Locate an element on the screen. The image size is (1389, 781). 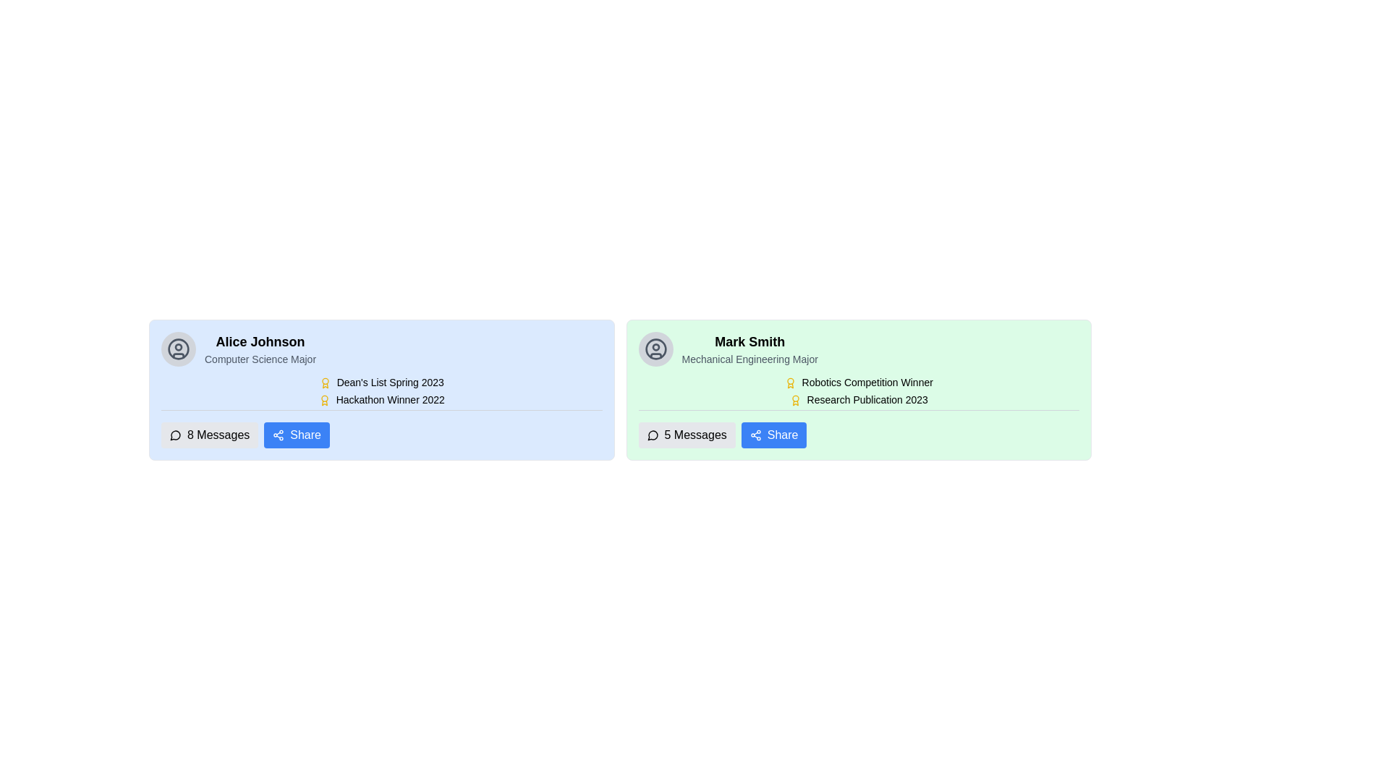
the graphical icon that signifies the 'Robotics Competition Winner' achievement for Mark Smith, located to the left of the award title in the profile card is located at coordinates (789, 383).